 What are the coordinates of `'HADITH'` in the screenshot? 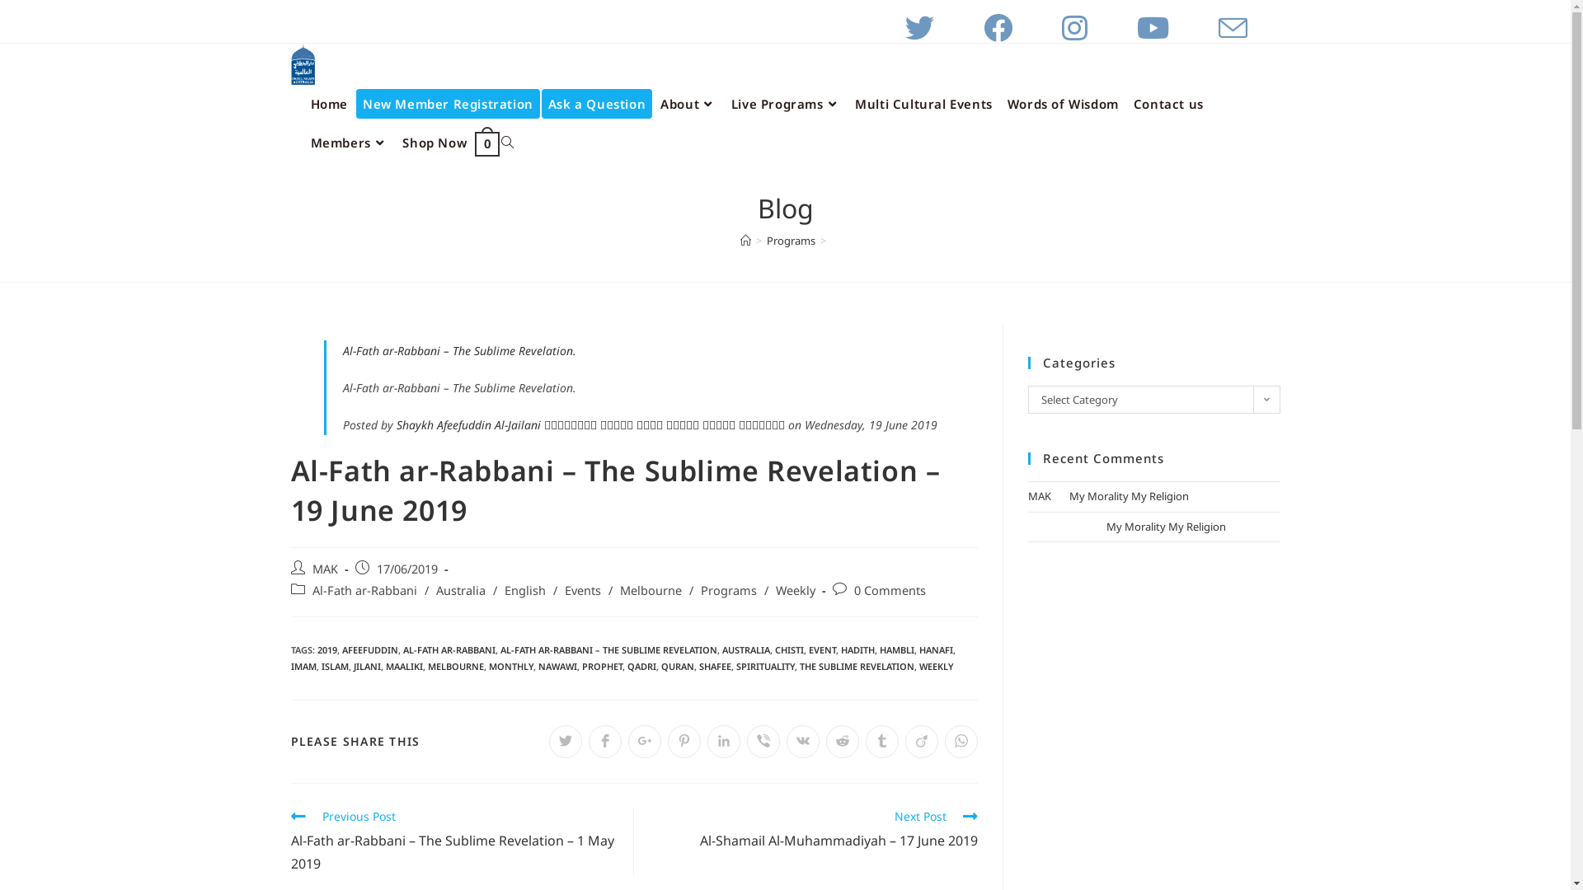 It's located at (857, 649).